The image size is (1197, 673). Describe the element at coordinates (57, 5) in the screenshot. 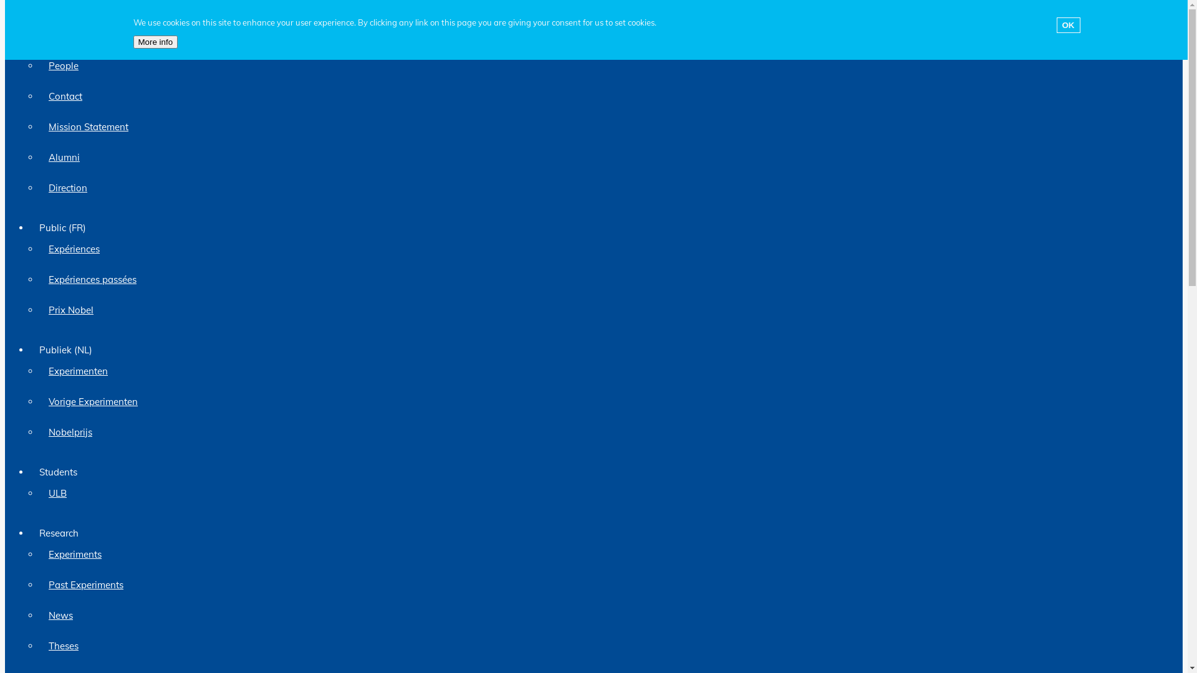

I see `'Skip to main content'` at that location.